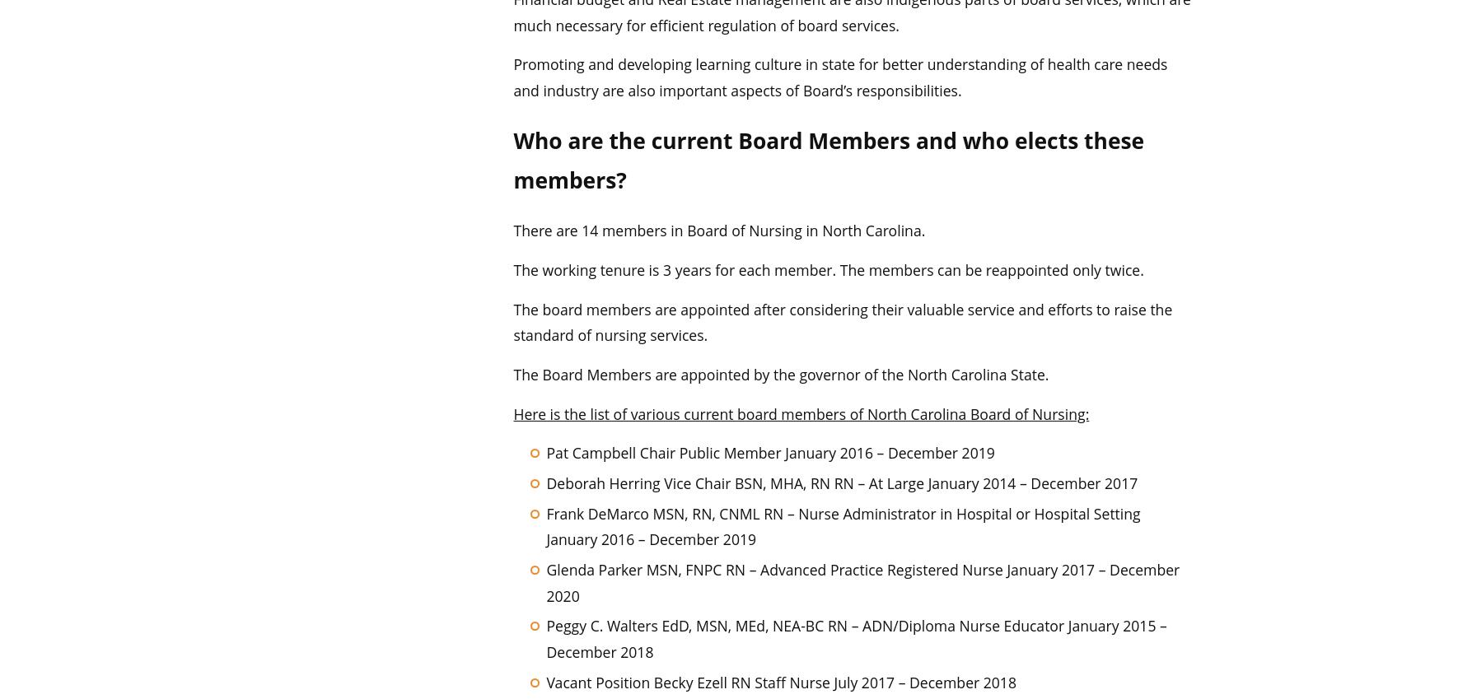 The width and height of the screenshot is (1472, 699). Describe the element at coordinates (512, 77) in the screenshot. I see `'Promoting and developing learning culture in state for better understanding of health care needs and industry are also important aspects of Board’s responsibilities.'` at that location.